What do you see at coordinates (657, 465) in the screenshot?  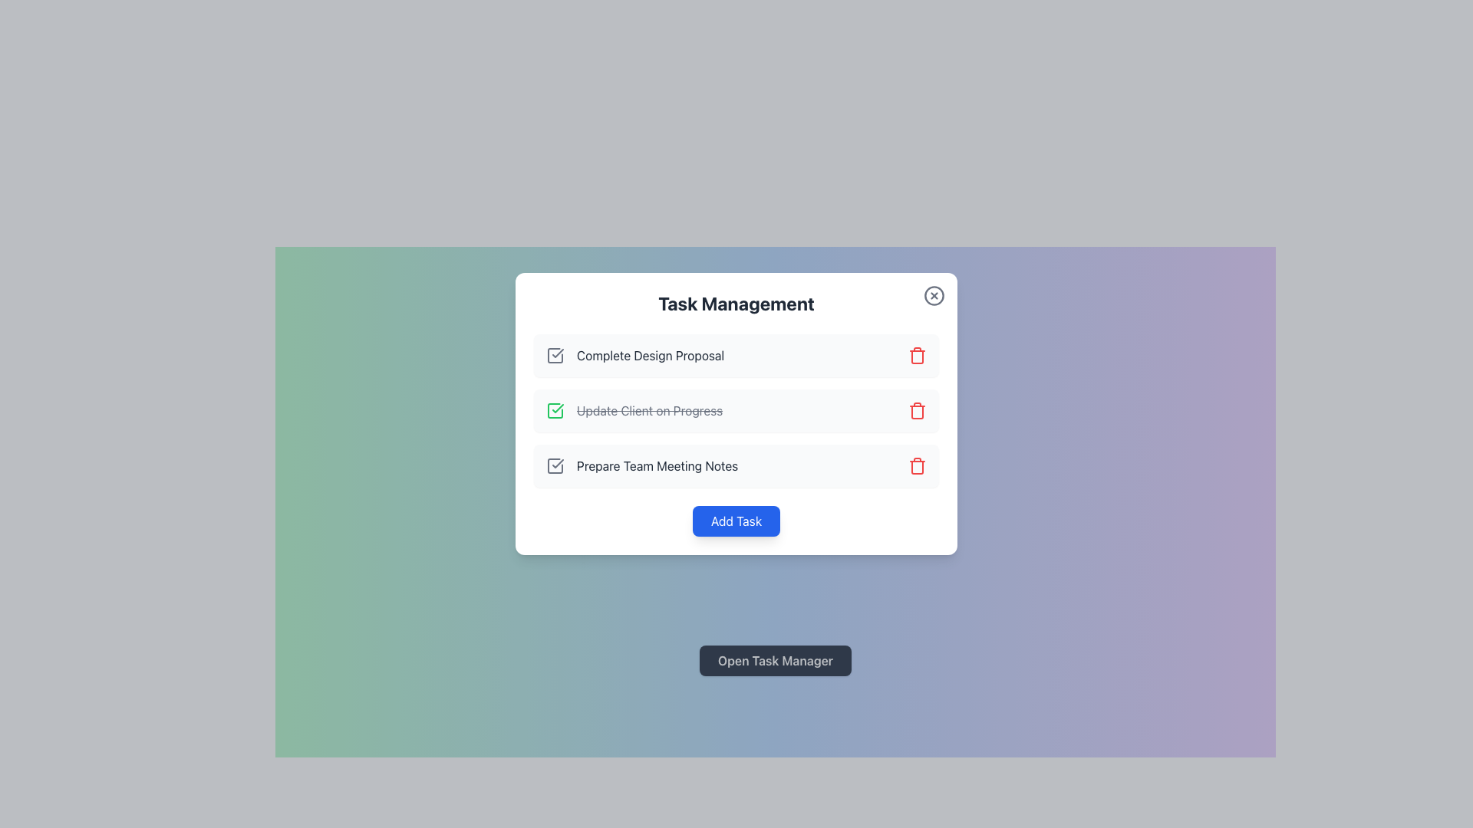 I see `the static text label for the task item in the task management interface, which is the third item in the vertical list, to focus or highlight it` at bounding box center [657, 465].